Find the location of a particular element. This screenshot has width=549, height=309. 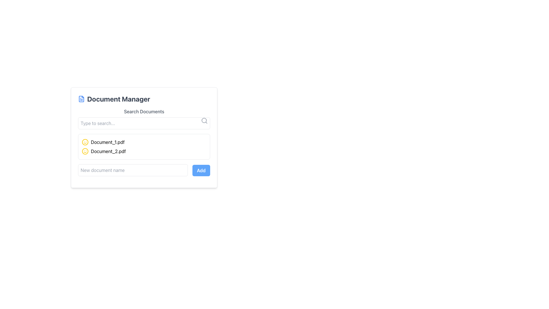

the decorative icon component representing the outer border of the smiley face icon, which is located to the left of the text 'Document_2.pdf' is located at coordinates (85, 142).